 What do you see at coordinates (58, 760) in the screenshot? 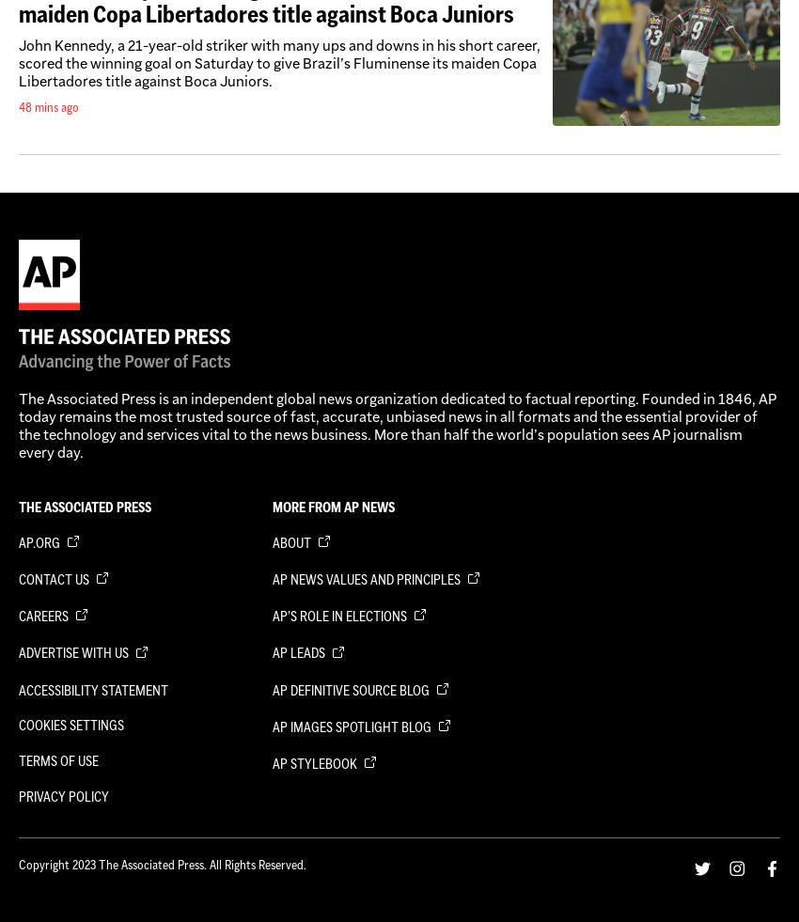
I see `'Terms of Use'` at bounding box center [58, 760].